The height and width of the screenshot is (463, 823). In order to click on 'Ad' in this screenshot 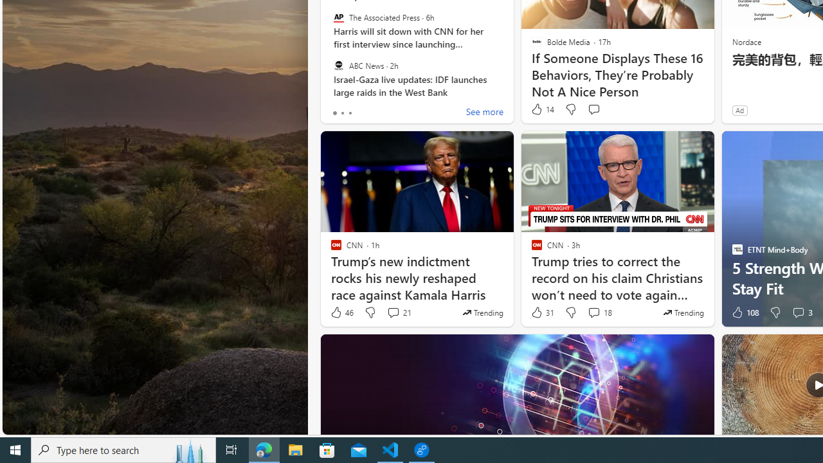, I will do `click(739, 109)`.